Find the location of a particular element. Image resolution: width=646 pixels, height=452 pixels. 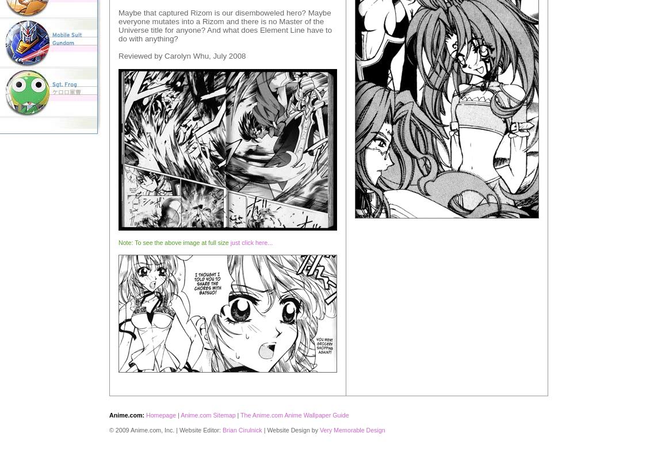

'Note: To see the above image at full size' is located at coordinates (173, 242).